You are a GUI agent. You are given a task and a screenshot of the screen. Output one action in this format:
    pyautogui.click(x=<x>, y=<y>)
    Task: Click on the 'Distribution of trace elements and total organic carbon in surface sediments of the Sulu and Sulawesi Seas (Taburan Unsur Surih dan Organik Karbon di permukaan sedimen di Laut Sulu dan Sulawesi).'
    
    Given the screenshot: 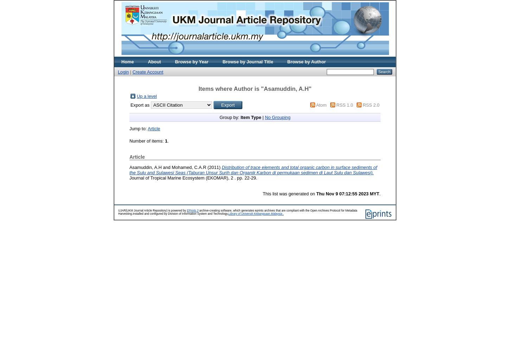 What is the action you would take?
    pyautogui.click(x=129, y=169)
    